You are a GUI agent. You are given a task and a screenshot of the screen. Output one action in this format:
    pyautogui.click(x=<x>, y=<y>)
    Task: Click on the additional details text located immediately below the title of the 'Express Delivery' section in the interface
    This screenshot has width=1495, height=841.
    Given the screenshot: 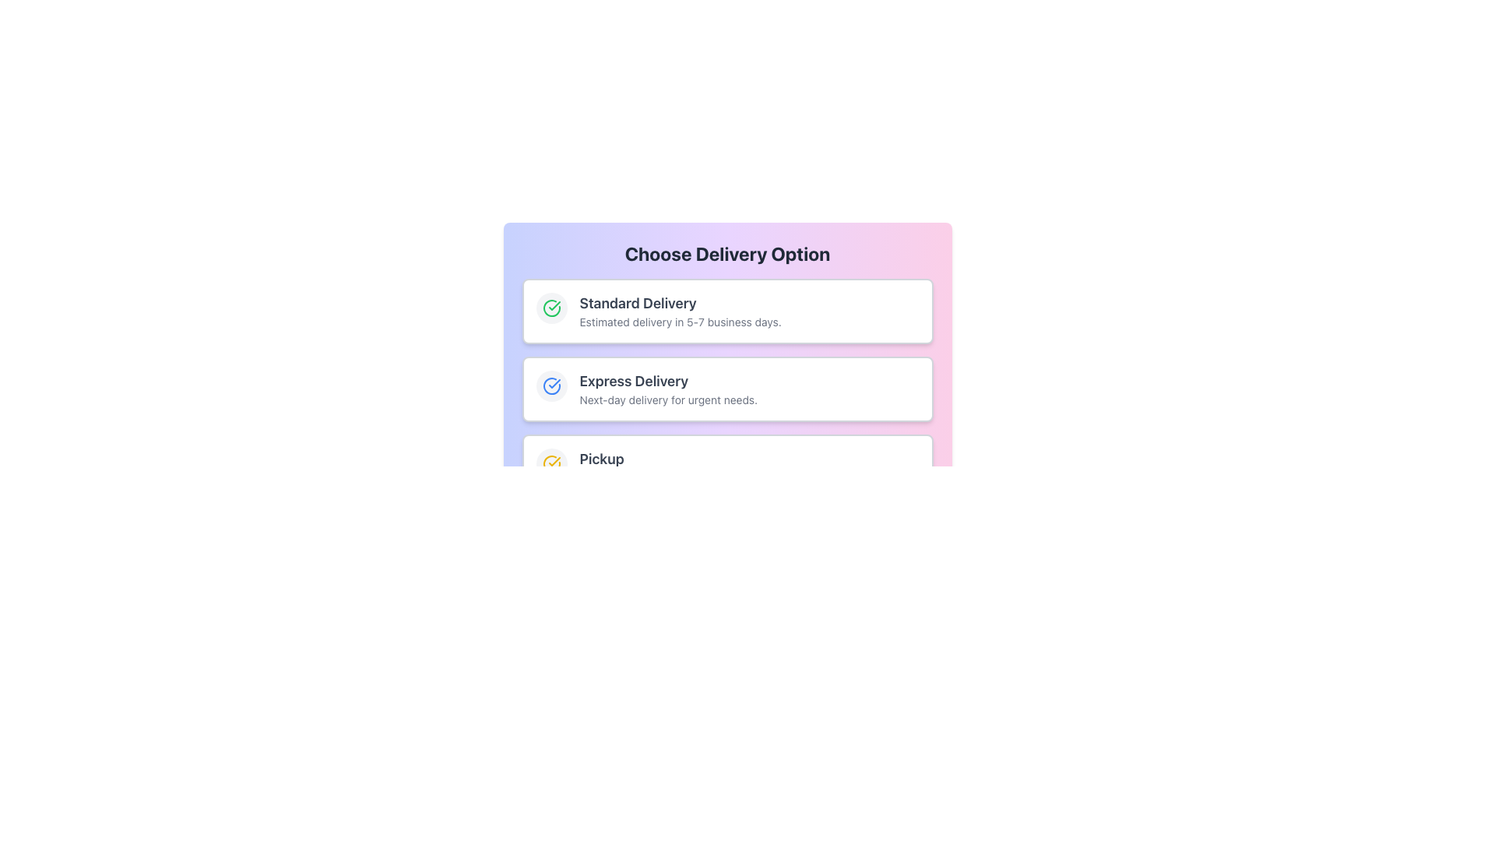 What is the action you would take?
    pyautogui.click(x=749, y=399)
    